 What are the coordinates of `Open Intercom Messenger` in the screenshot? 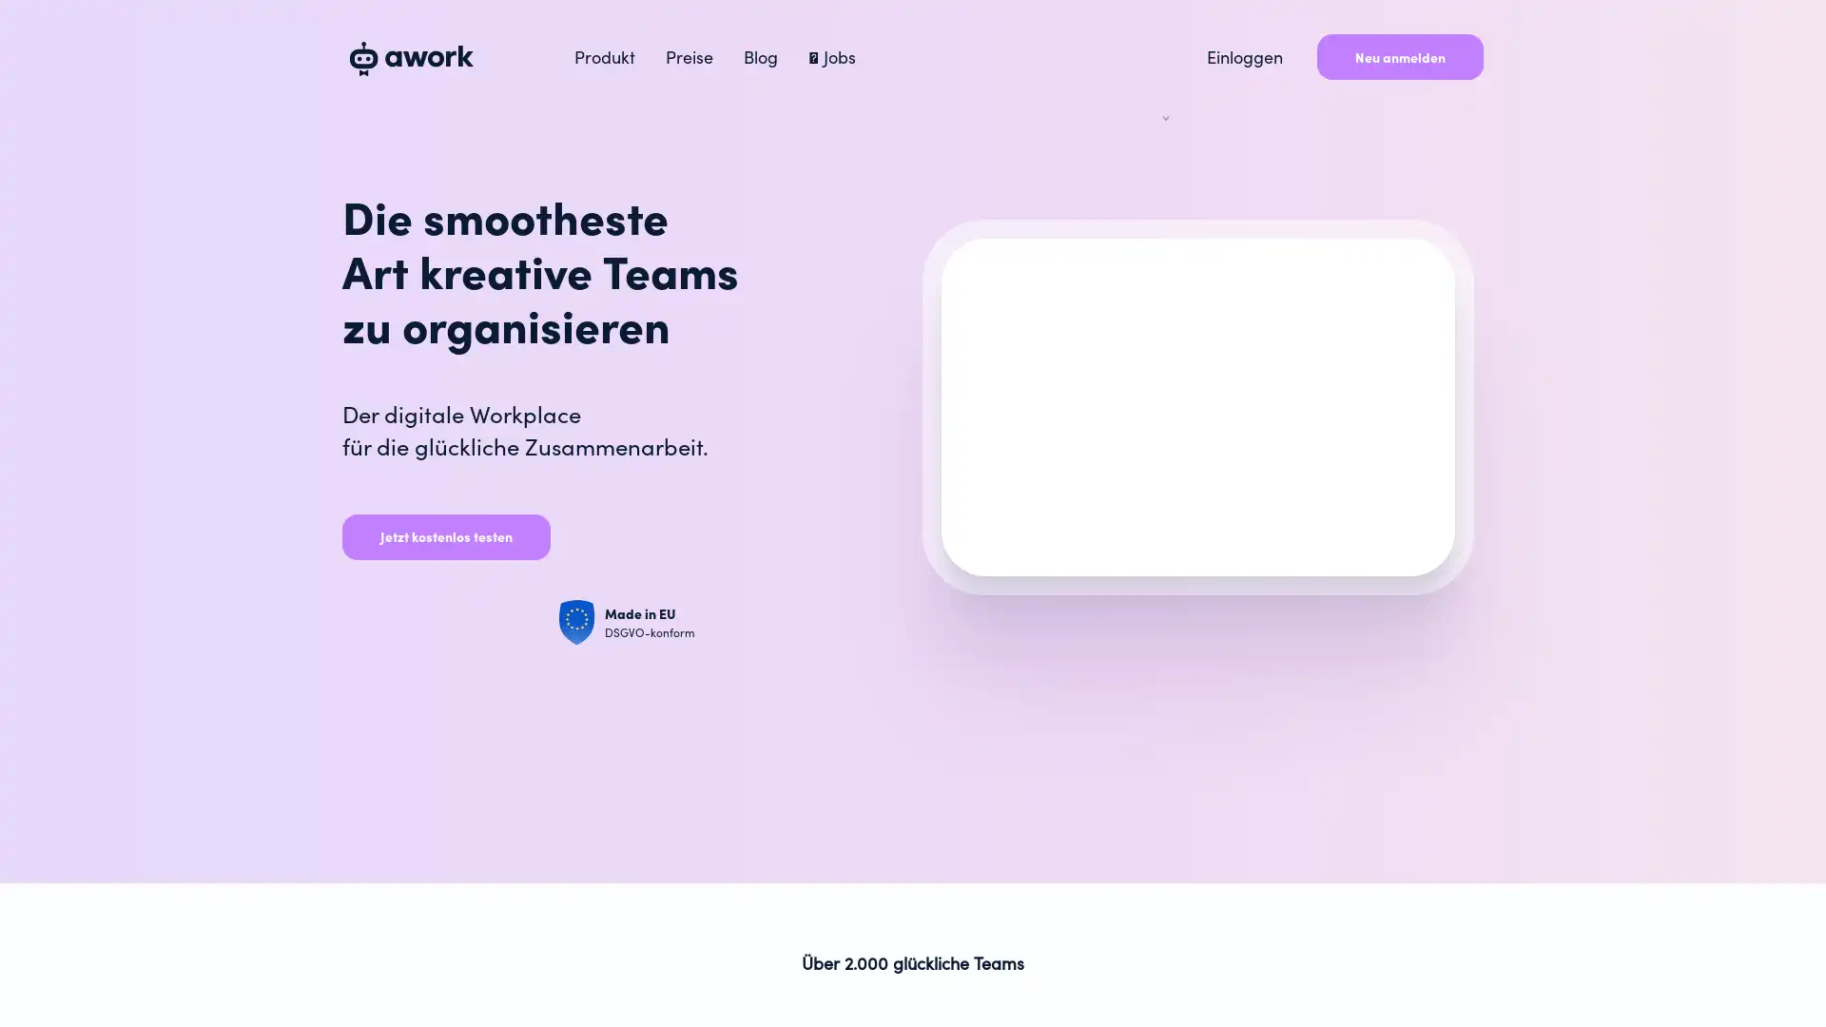 It's located at (1777, 979).